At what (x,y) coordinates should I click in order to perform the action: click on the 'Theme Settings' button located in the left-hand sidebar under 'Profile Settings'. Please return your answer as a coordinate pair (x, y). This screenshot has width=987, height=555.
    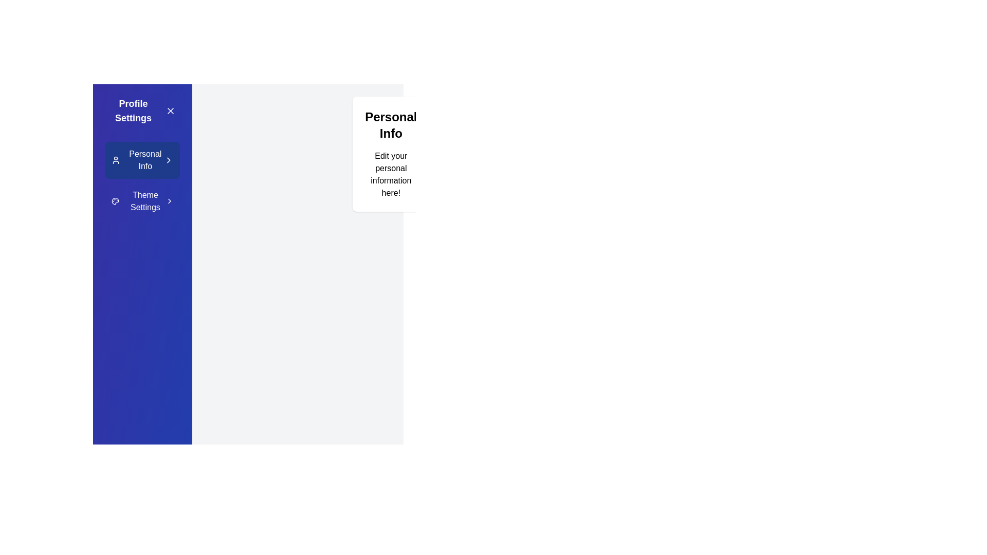
    Looking at the image, I should click on (142, 201).